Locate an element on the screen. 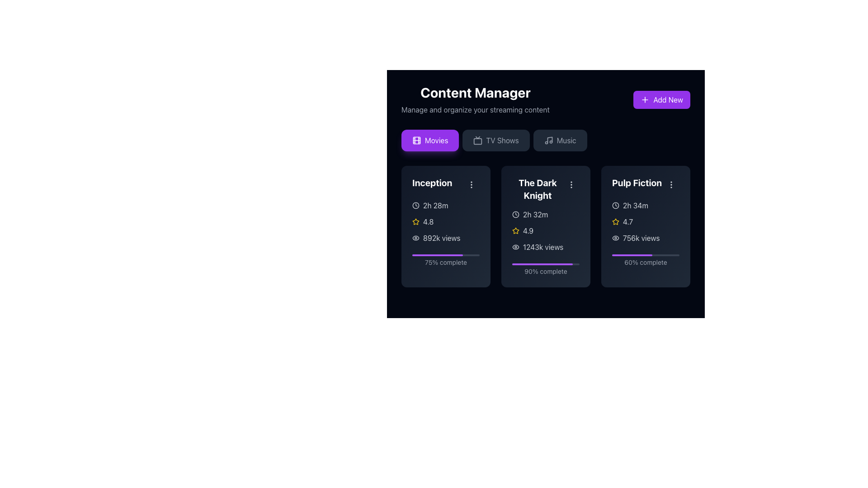 This screenshot has width=868, height=488. the middle information card in the Content Manager section, which displays details about the movie 'The Dark Knight' including title, duration, rating, views, and progress information is located at coordinates (545, 226).